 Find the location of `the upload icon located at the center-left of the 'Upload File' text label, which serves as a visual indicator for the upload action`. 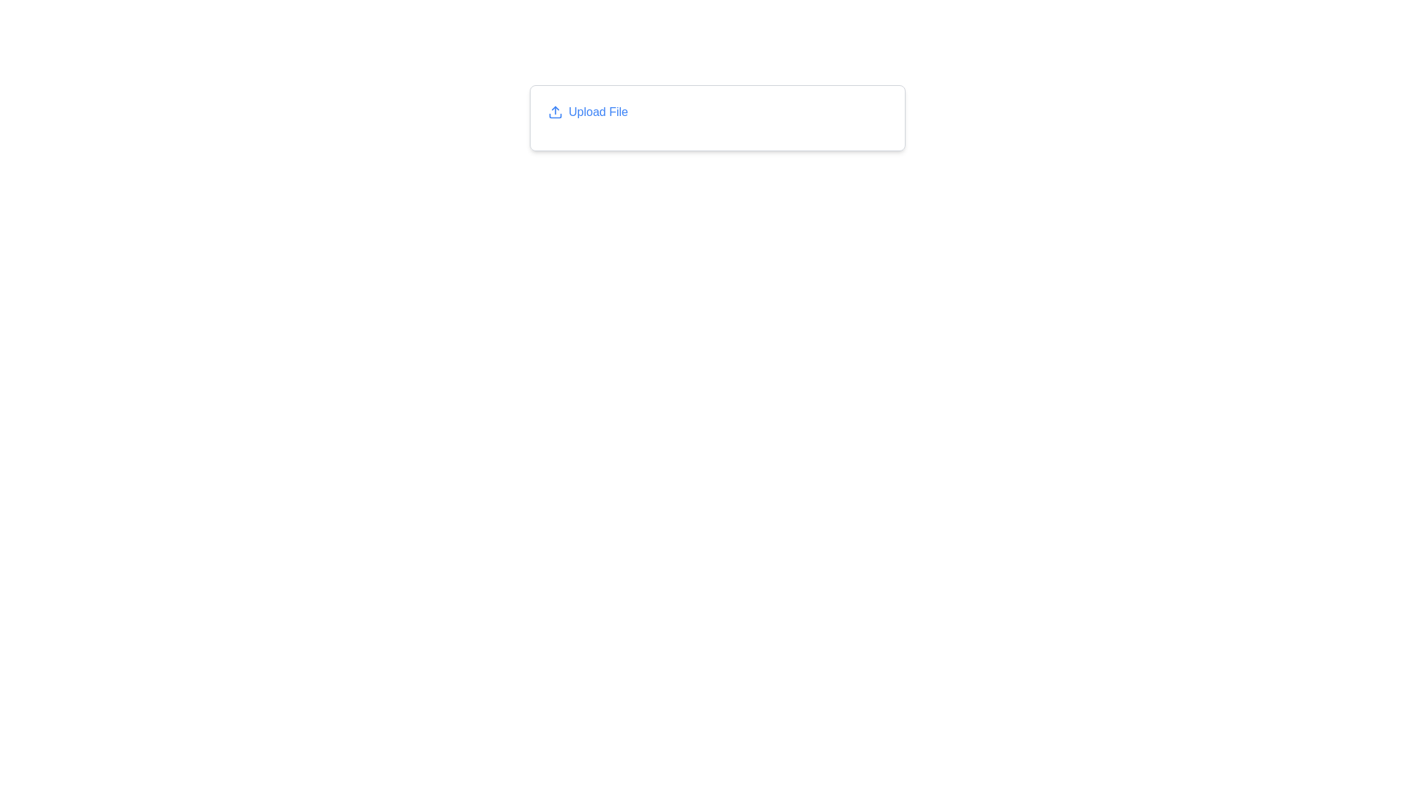

the upload icon located at the center-left of the 'Upload File' text label, which serves as a visual indicator for the upload action is located at coordinates (555, 112).